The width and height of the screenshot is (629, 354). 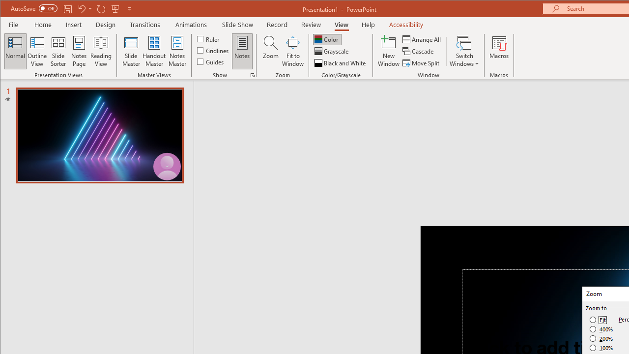 I want to click on 'Move Split', so click(x=422, y=63).